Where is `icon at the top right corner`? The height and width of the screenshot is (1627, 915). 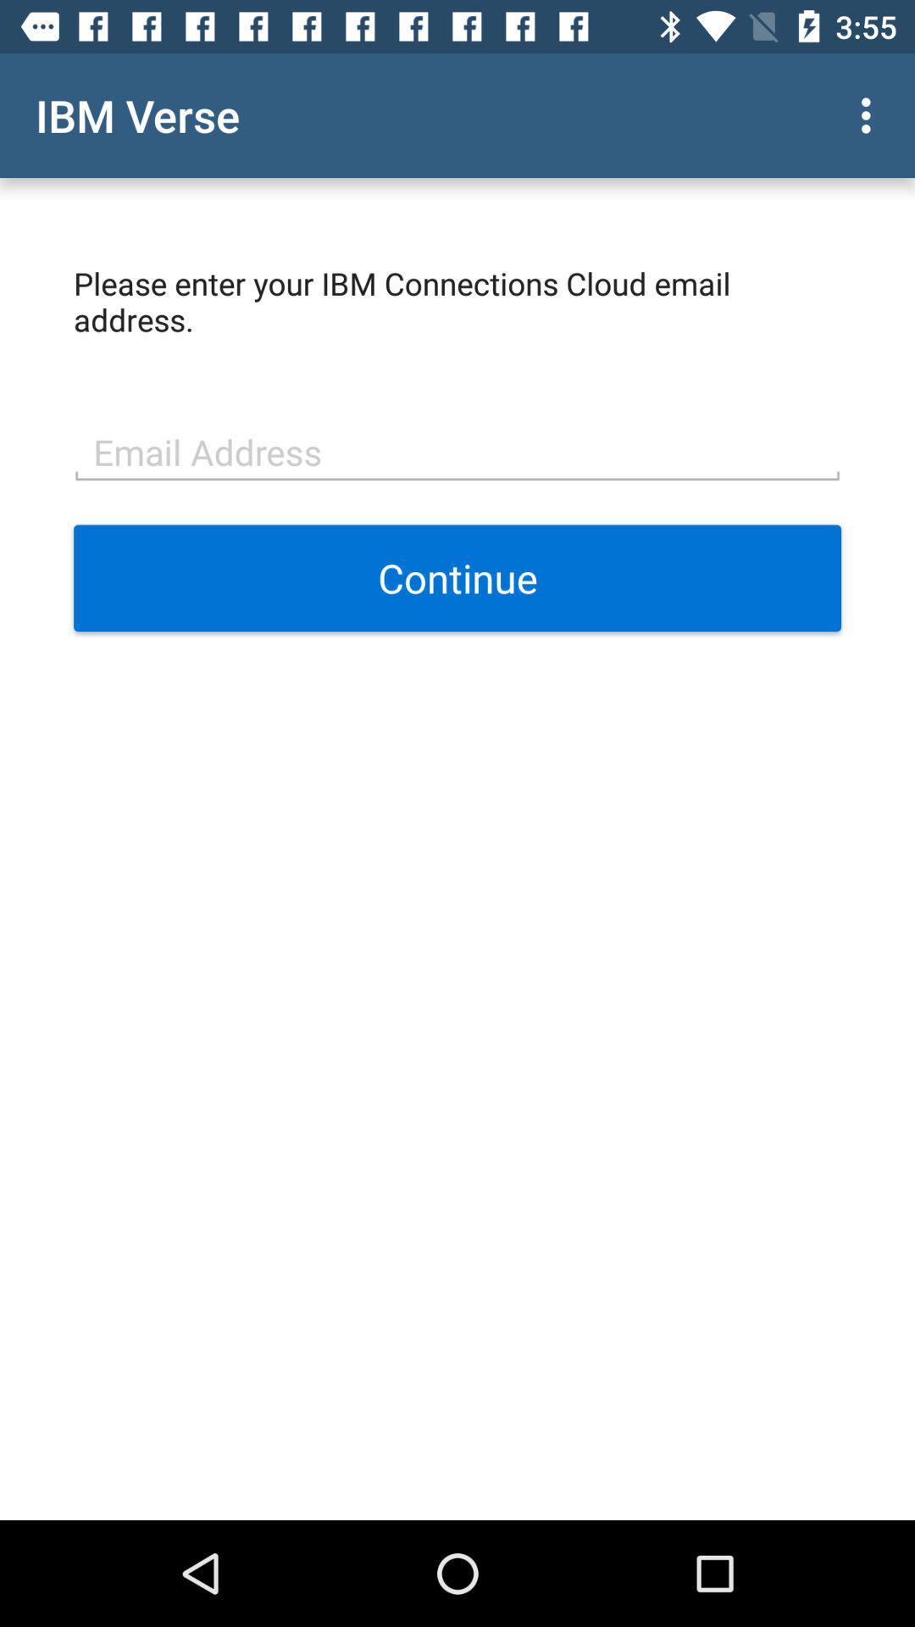
icon at the top right corner is located at coordinates (870, 114).